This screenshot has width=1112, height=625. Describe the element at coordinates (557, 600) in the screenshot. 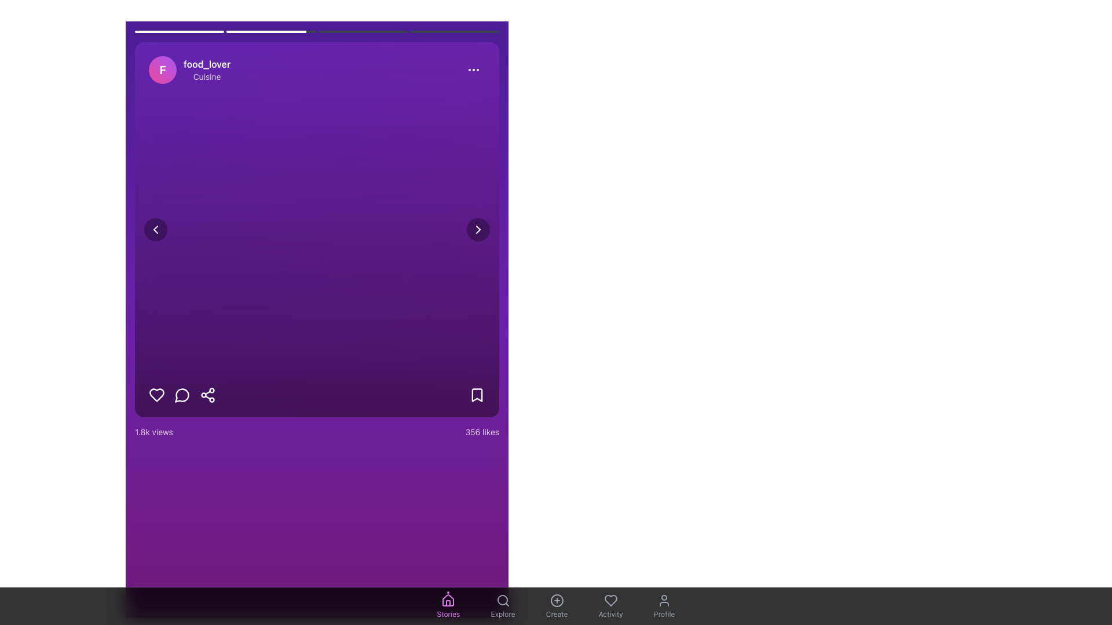

I see `the 'Create' button located centrally in the bottom navigation bar` at that location.